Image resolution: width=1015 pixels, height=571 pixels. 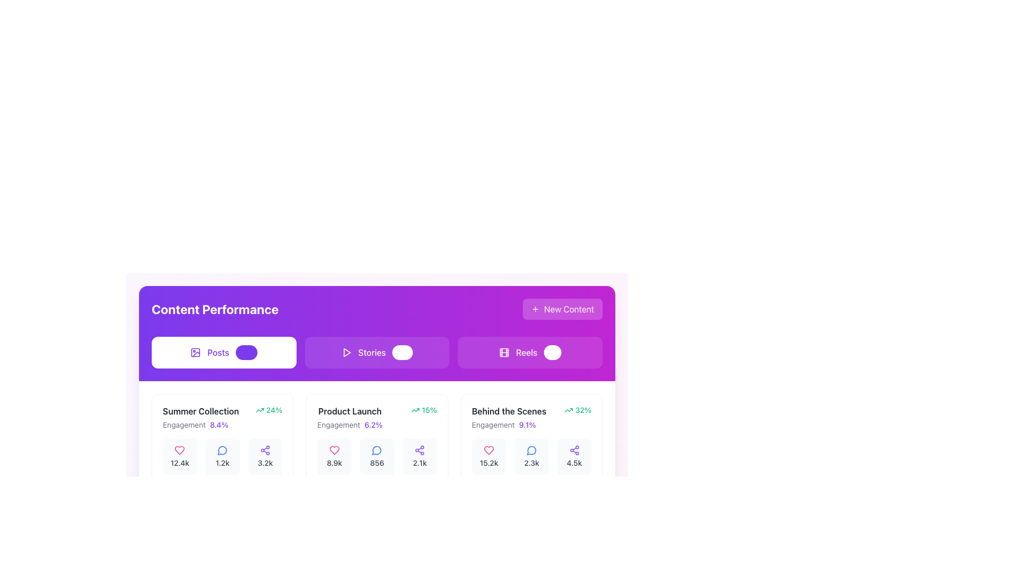 What do you see at coordinates (509, 424) in the screenshot?
I see `information displayed in the 'Engagement' text display showing '9.1%' located within the 'Behind the Scenes' card` at bounding box center [509, 424].